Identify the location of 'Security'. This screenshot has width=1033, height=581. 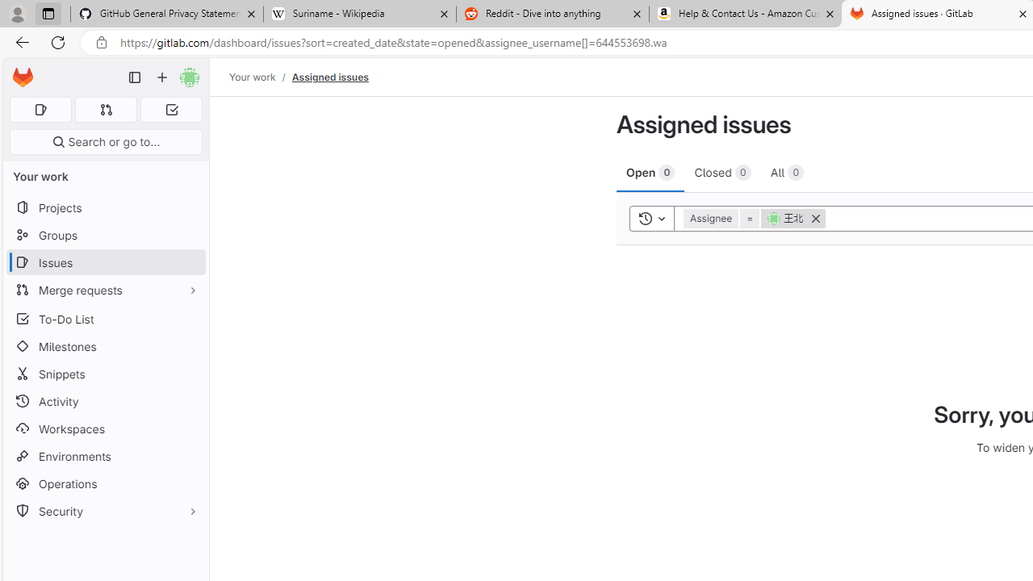
(105, 511).